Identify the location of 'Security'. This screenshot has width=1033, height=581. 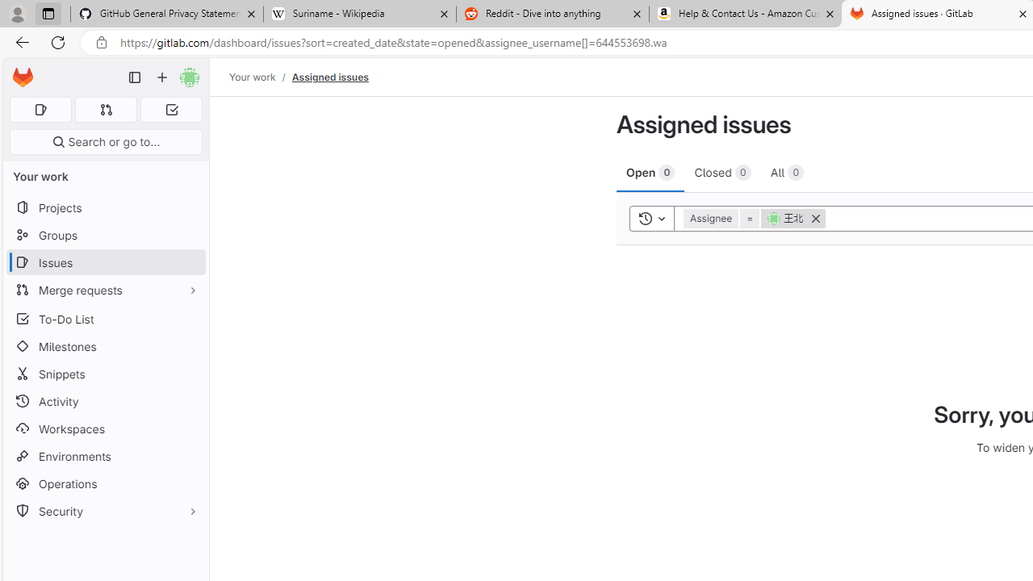
(105, 511).